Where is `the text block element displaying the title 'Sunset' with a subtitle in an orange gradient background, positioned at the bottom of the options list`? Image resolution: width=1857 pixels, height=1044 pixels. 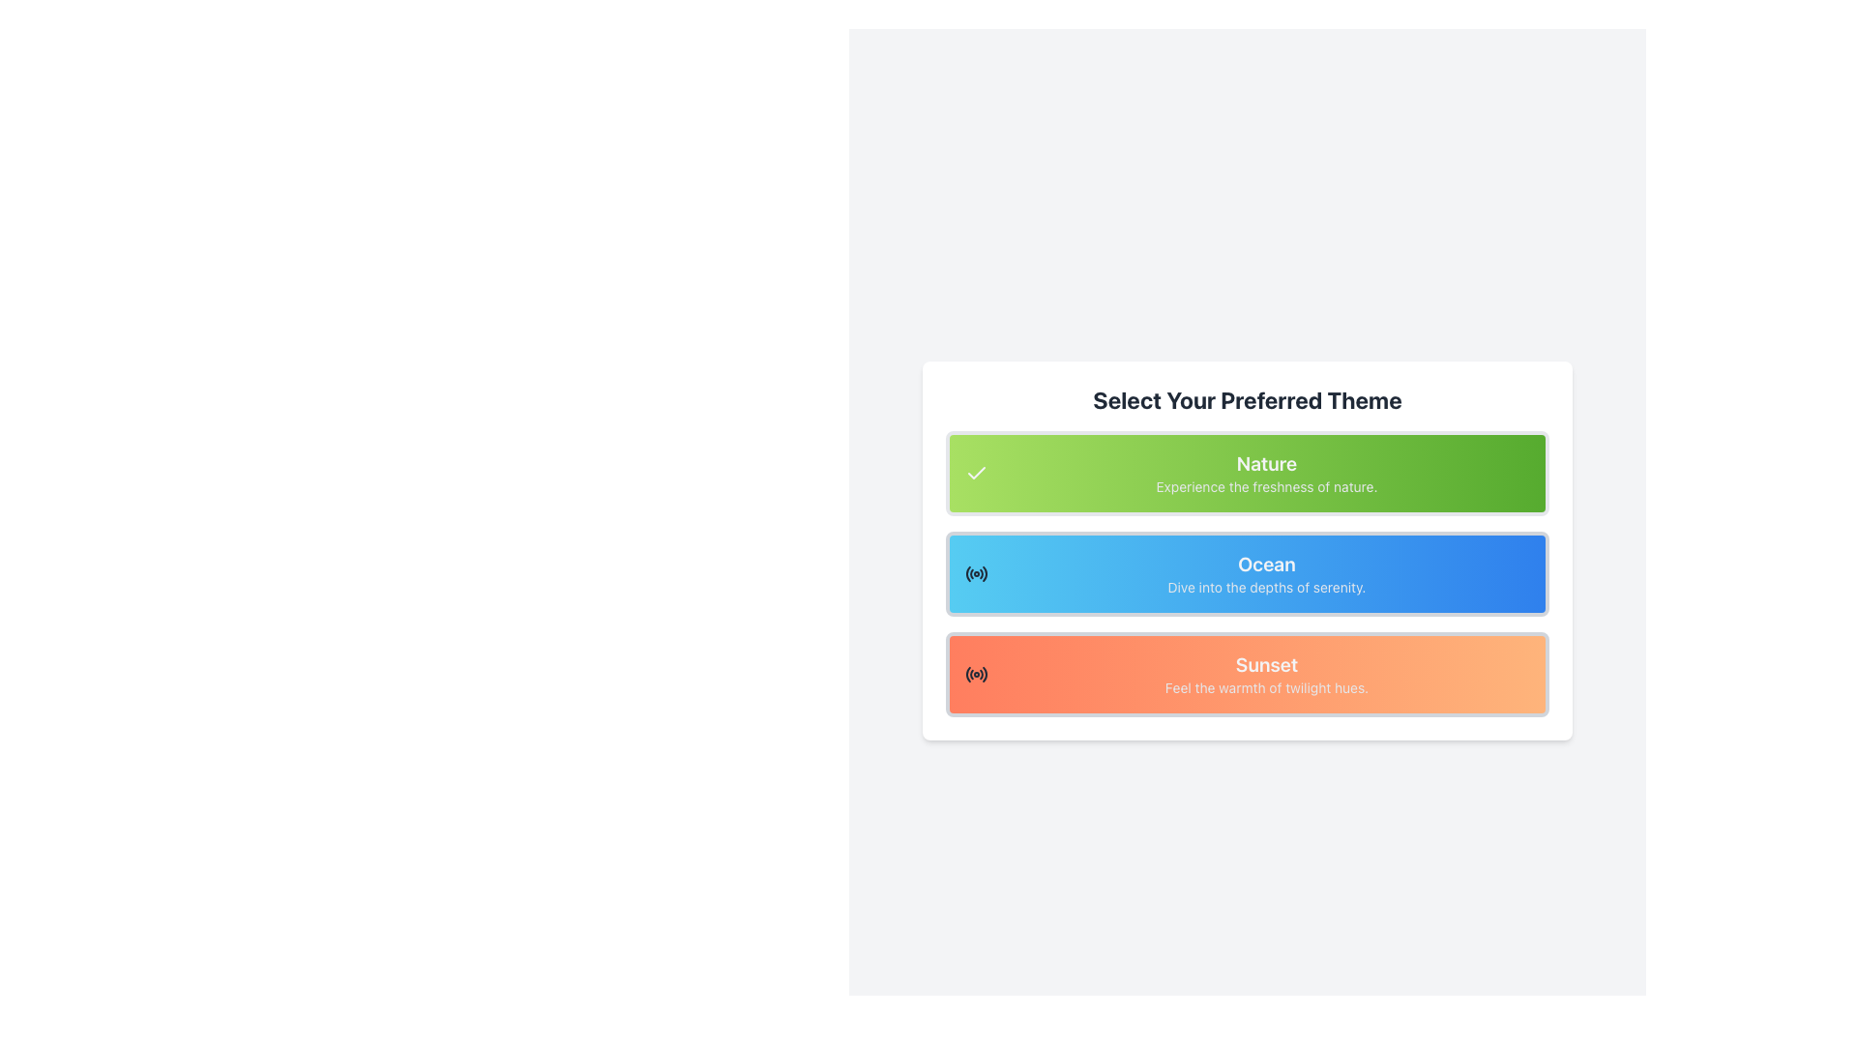 the text block element displaying the title 'Sunset' with a subtitle in an orange gradient background, positioned at the bottom of the options list is located at coordinates (1267, 674).